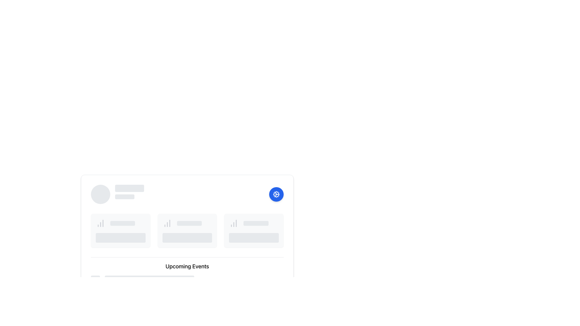 This screenshot has height=326, width=580. Describe the element at coordinates (254, 230) in the screenshot. I see `the animation of the bottom-right card in the grid layout of animated placeholders, which indicates that data is being loaded` at that location.